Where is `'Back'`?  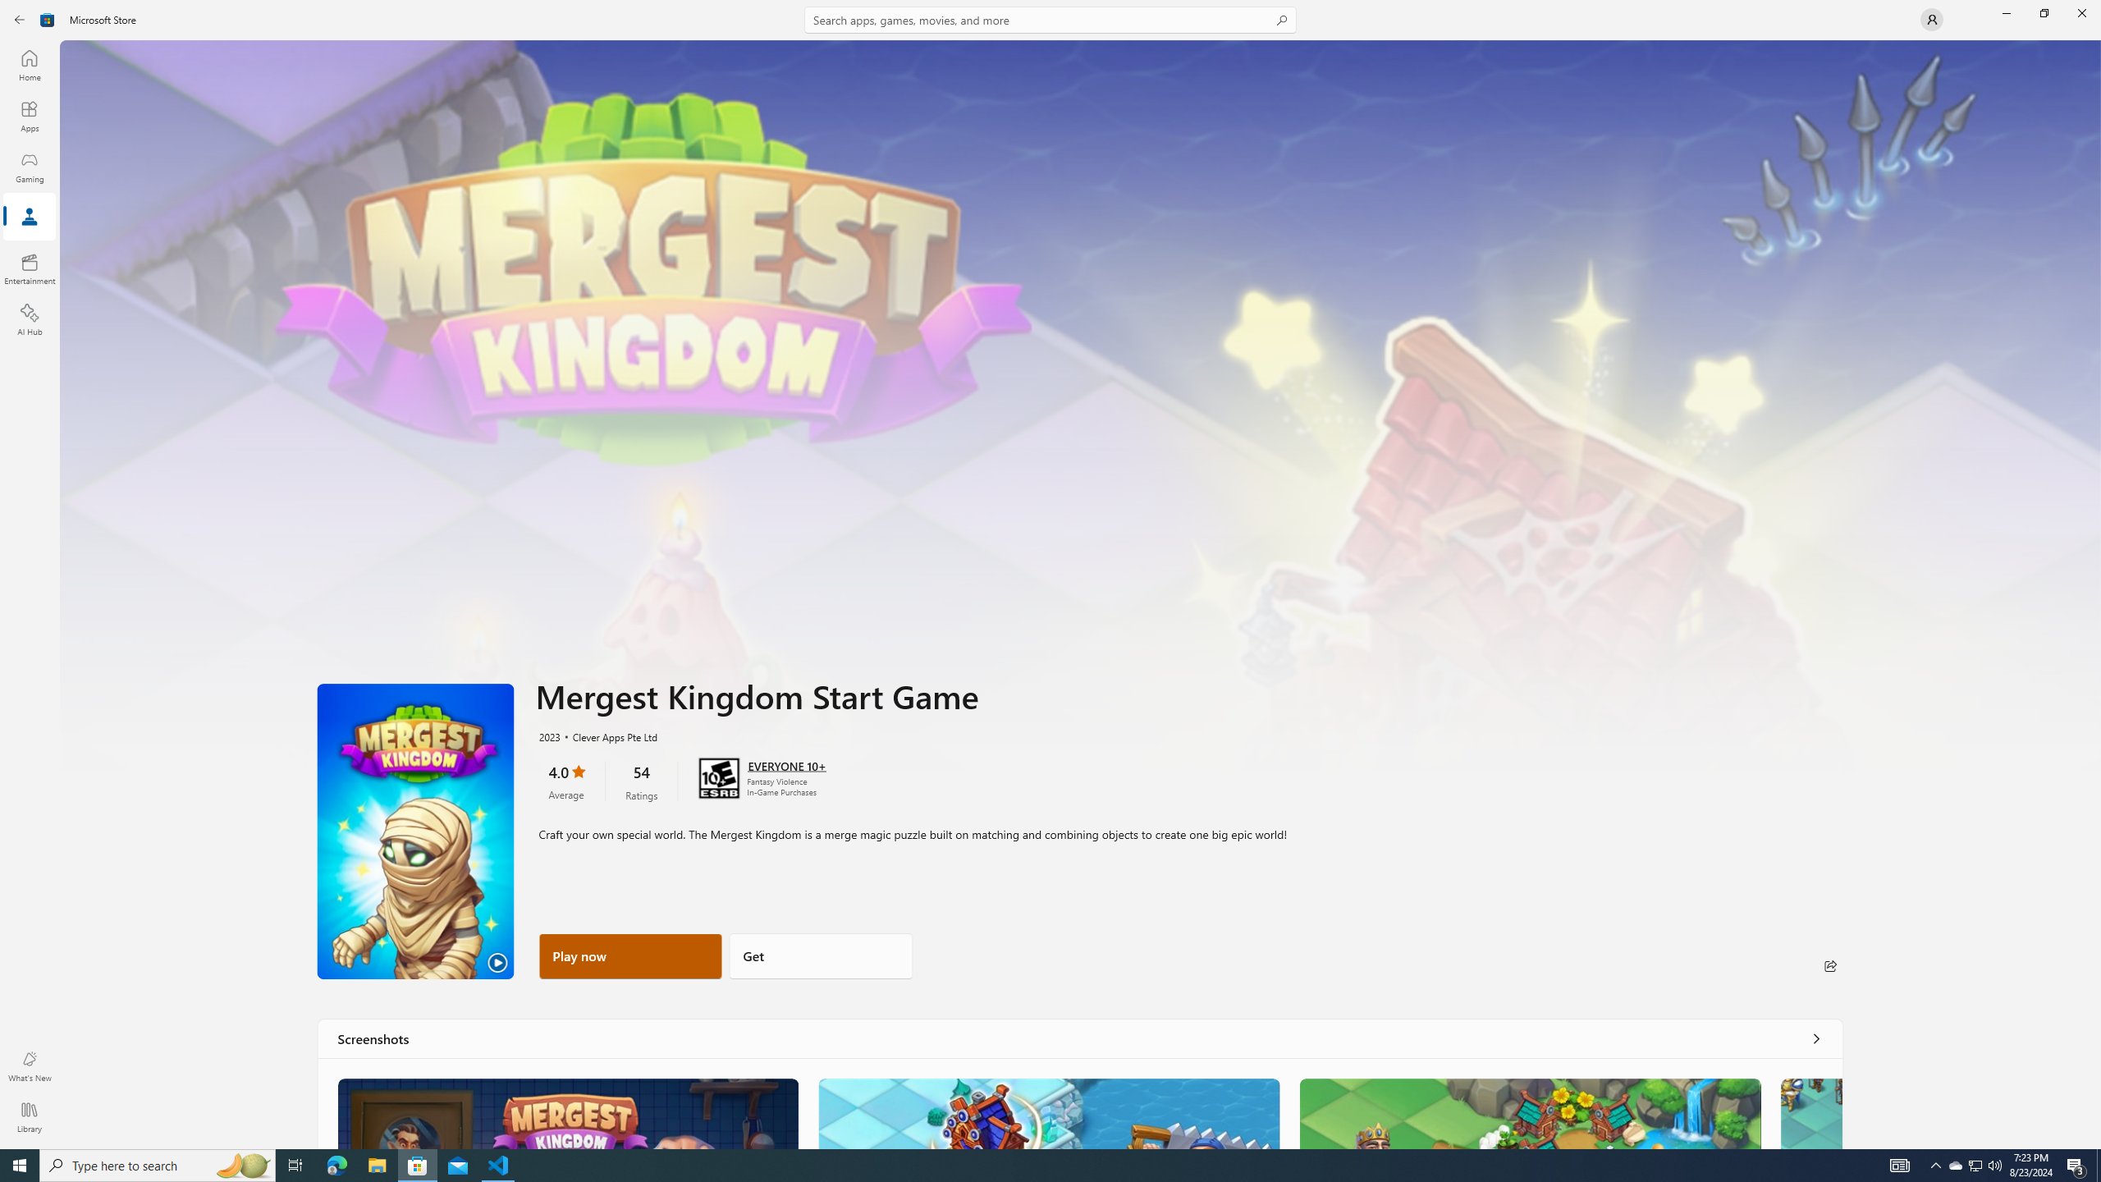
'Back' is located at coordinates (20, 18).